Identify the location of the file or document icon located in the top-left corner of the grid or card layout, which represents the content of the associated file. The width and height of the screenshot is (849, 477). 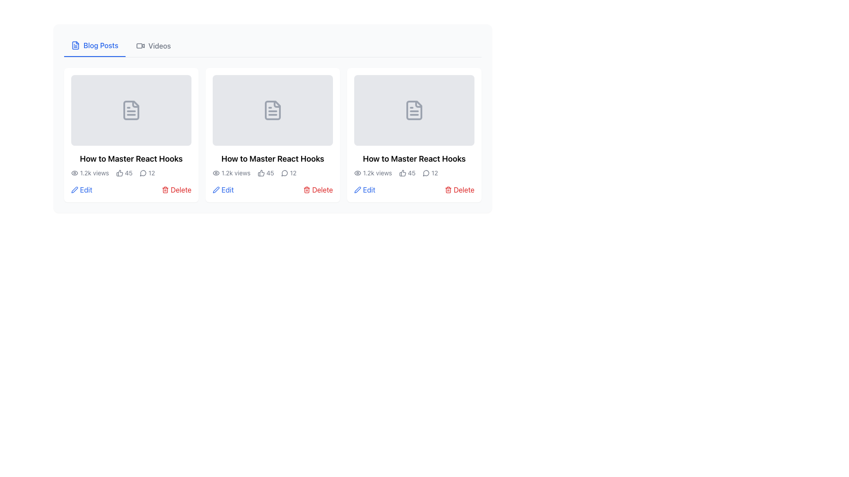
(131, 110).